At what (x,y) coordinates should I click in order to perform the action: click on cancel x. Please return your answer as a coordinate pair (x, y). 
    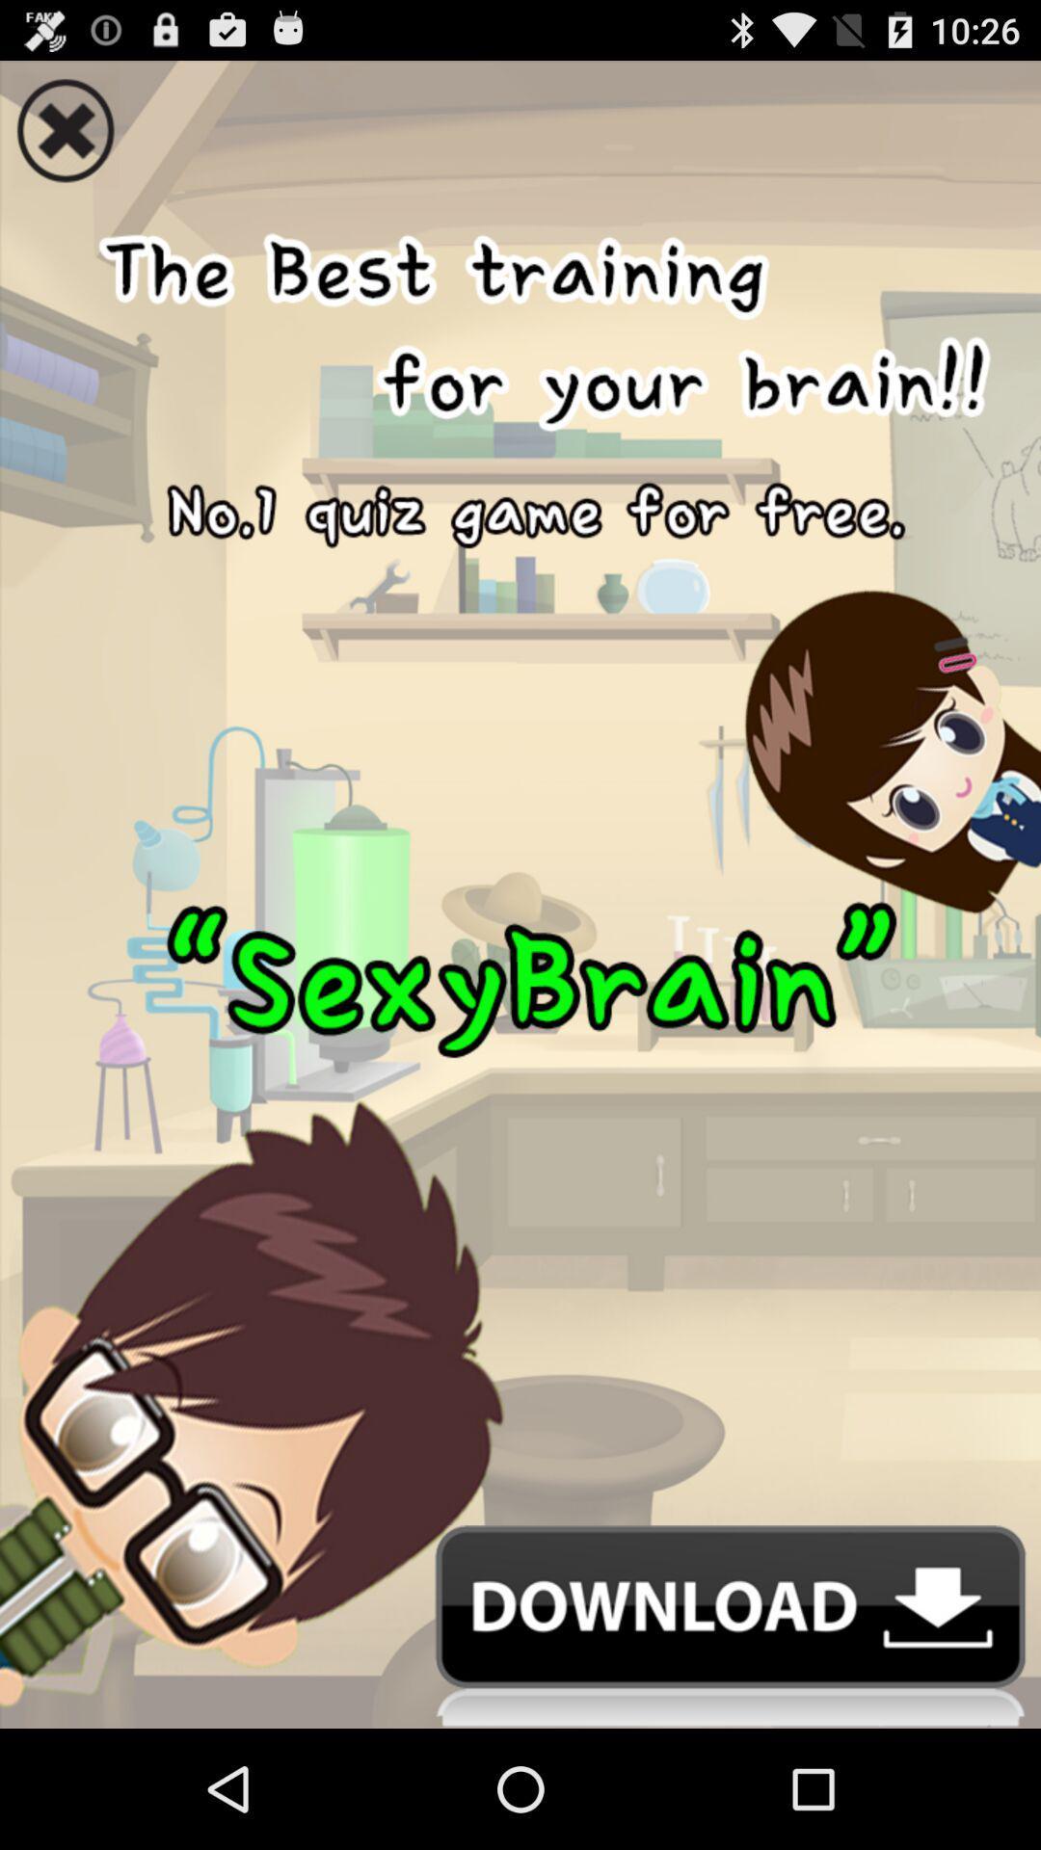
    Looking at the image, I should click on (520, 123).